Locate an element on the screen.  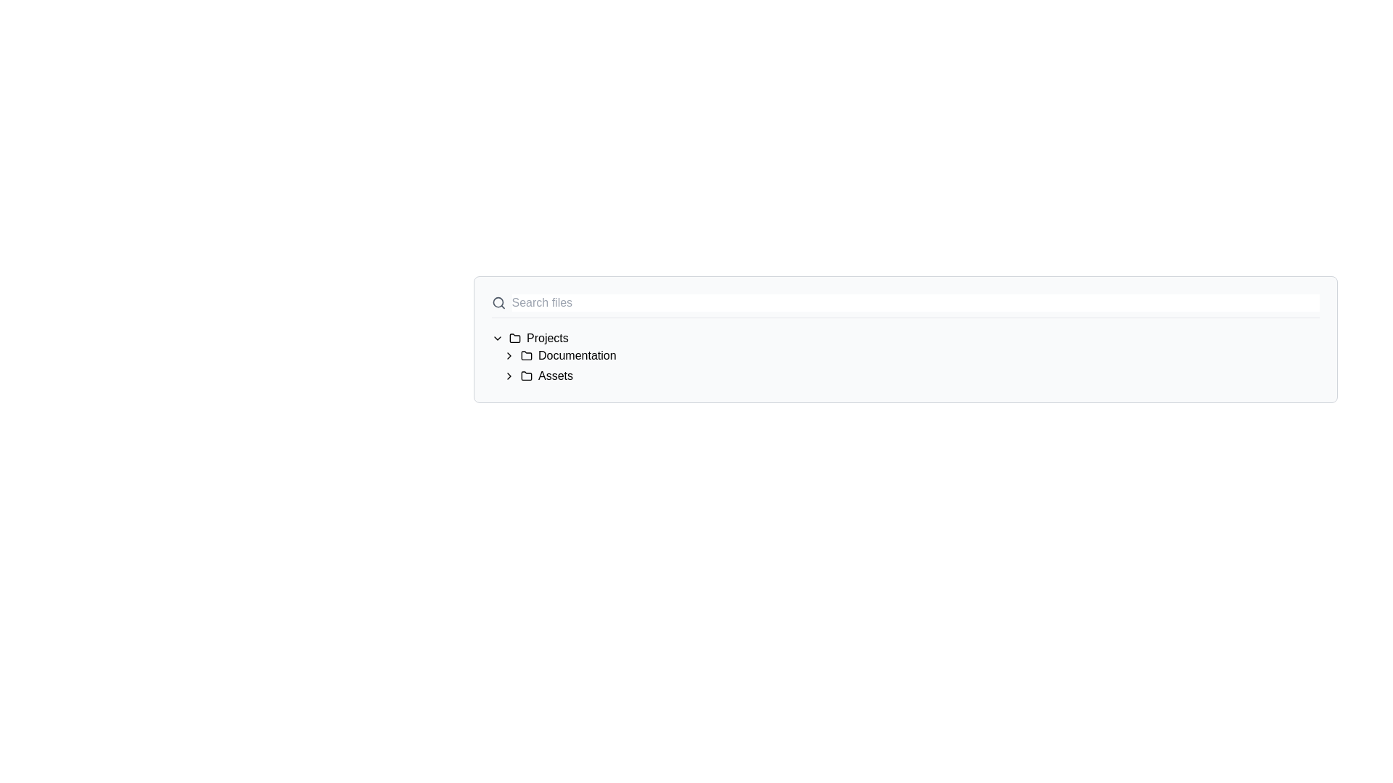
the folder icon that is located next to the 'Projects' label in the hierarchical list is located at coordinates (515, 338).